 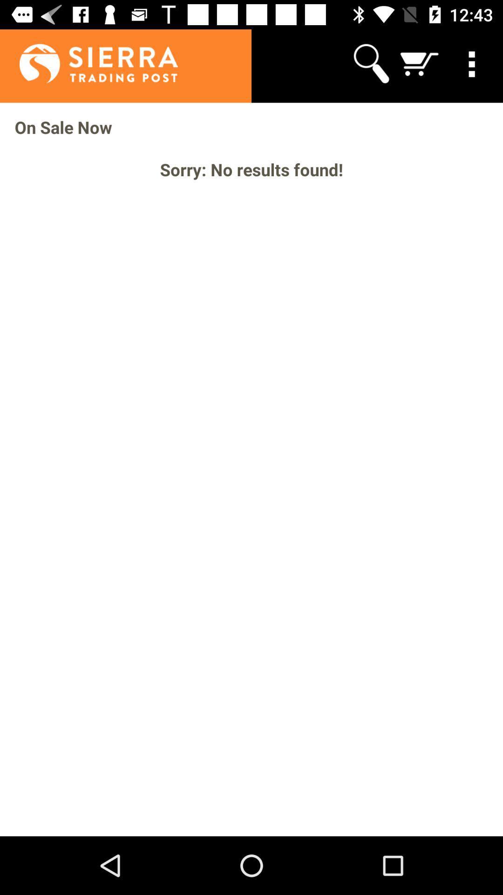 I want to click on item above the on sale now item, so click(x=370, y=63).